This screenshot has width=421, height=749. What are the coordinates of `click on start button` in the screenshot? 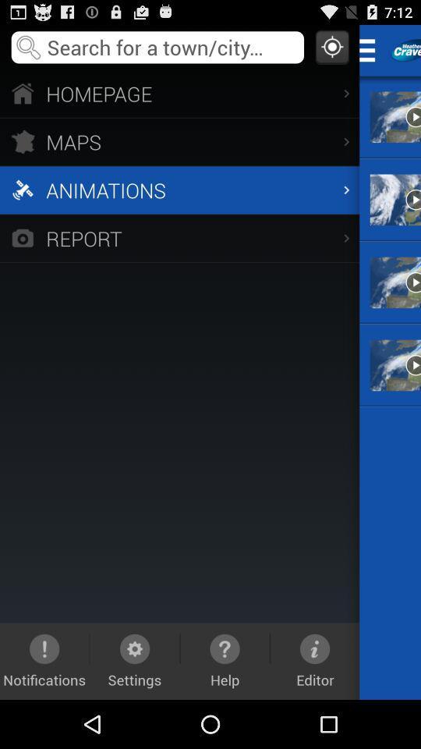 It's located at (371, 50).